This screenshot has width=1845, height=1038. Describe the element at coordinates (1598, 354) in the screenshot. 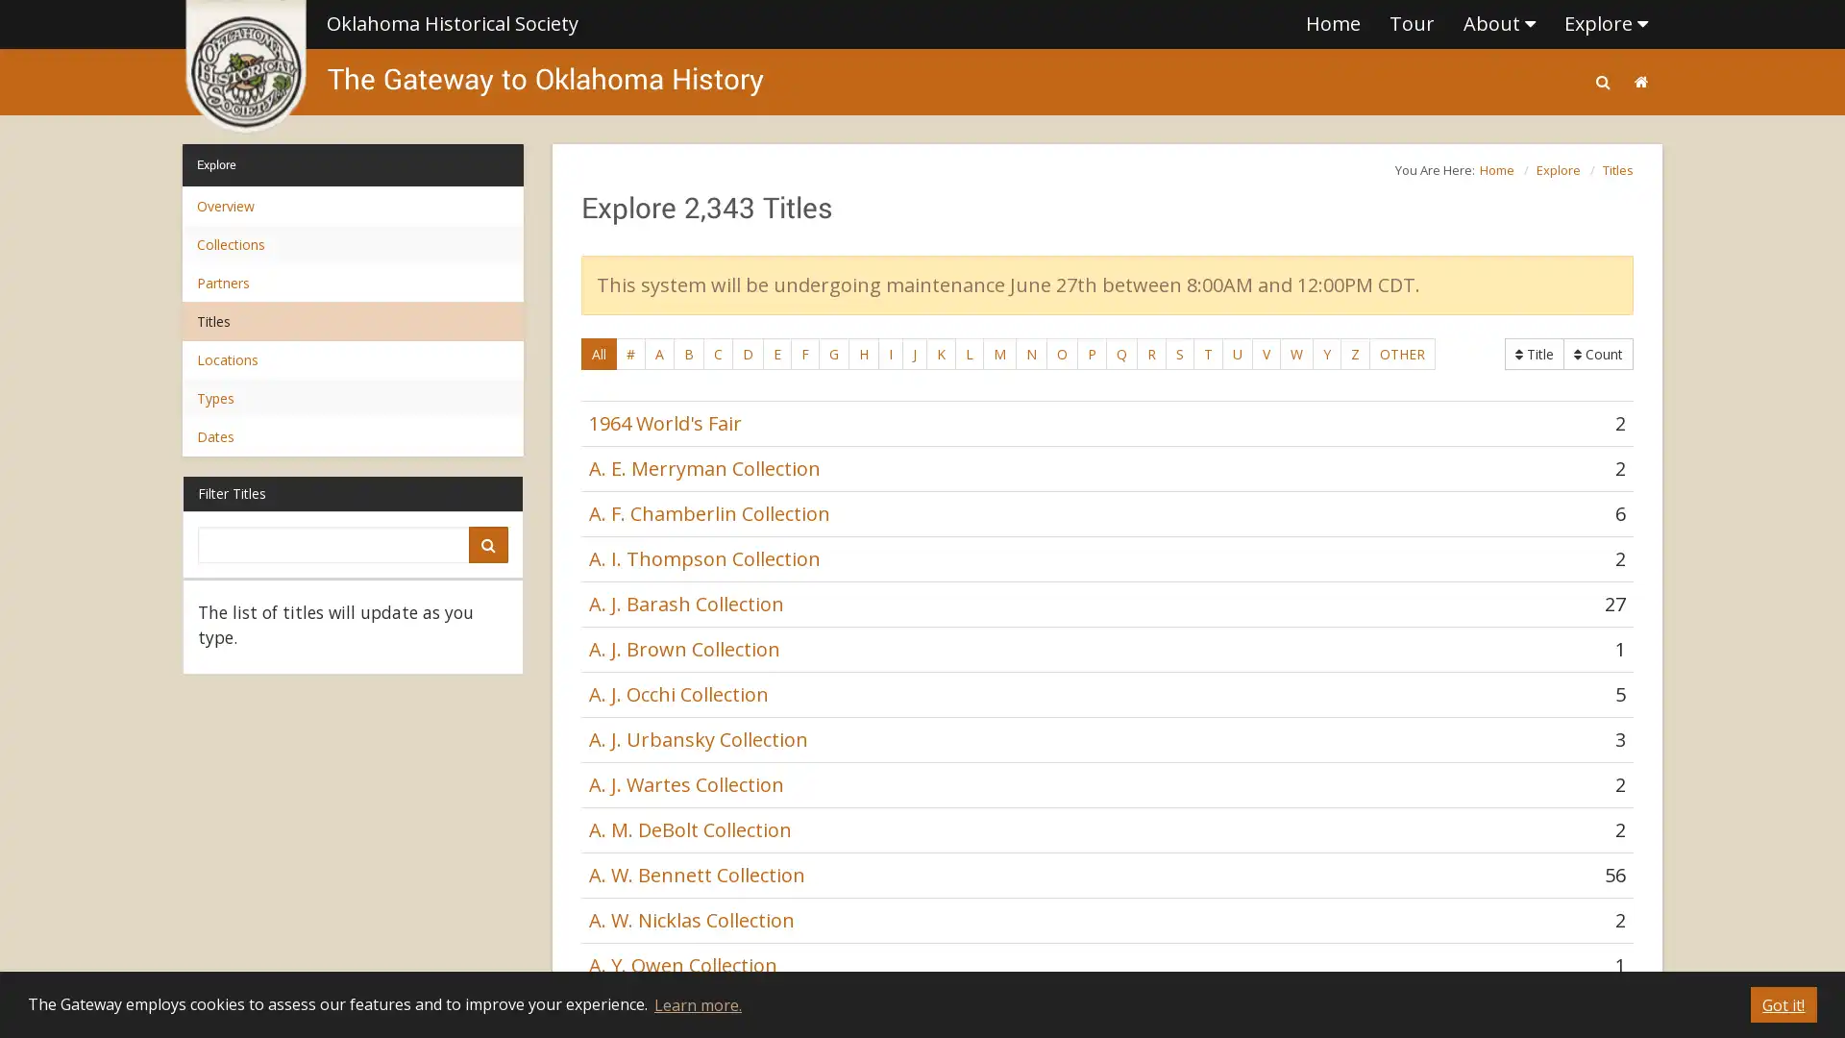

I see `Toggle sorting of titles alphabetically by title` at that location.